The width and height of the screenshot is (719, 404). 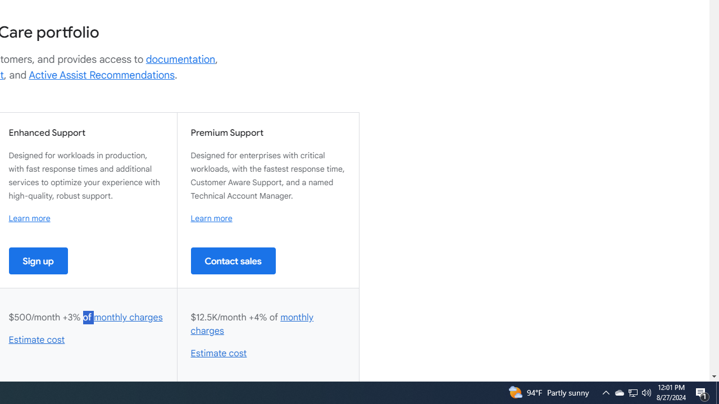 I want to click on 'documentation', so click(x=180, y=59).